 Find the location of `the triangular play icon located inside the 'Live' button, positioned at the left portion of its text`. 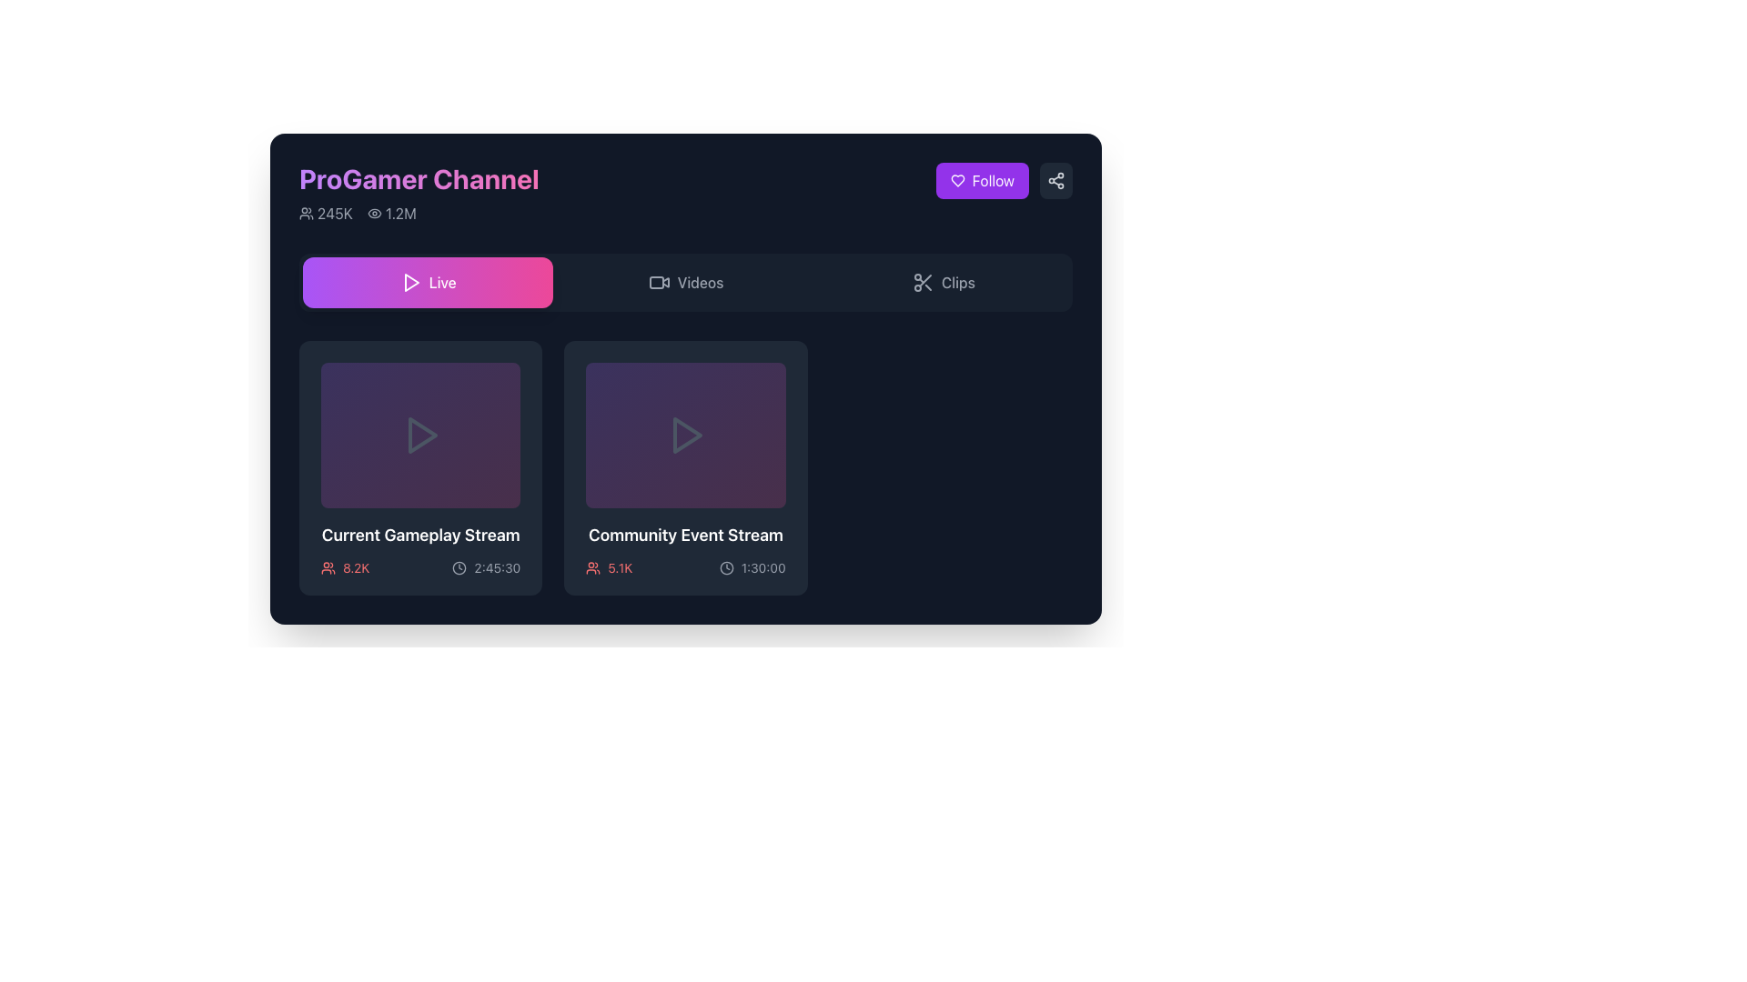

the triangular play icon located inside the 'Live' button, positioned at the left portion of its text is located at coordinates (409, 283).